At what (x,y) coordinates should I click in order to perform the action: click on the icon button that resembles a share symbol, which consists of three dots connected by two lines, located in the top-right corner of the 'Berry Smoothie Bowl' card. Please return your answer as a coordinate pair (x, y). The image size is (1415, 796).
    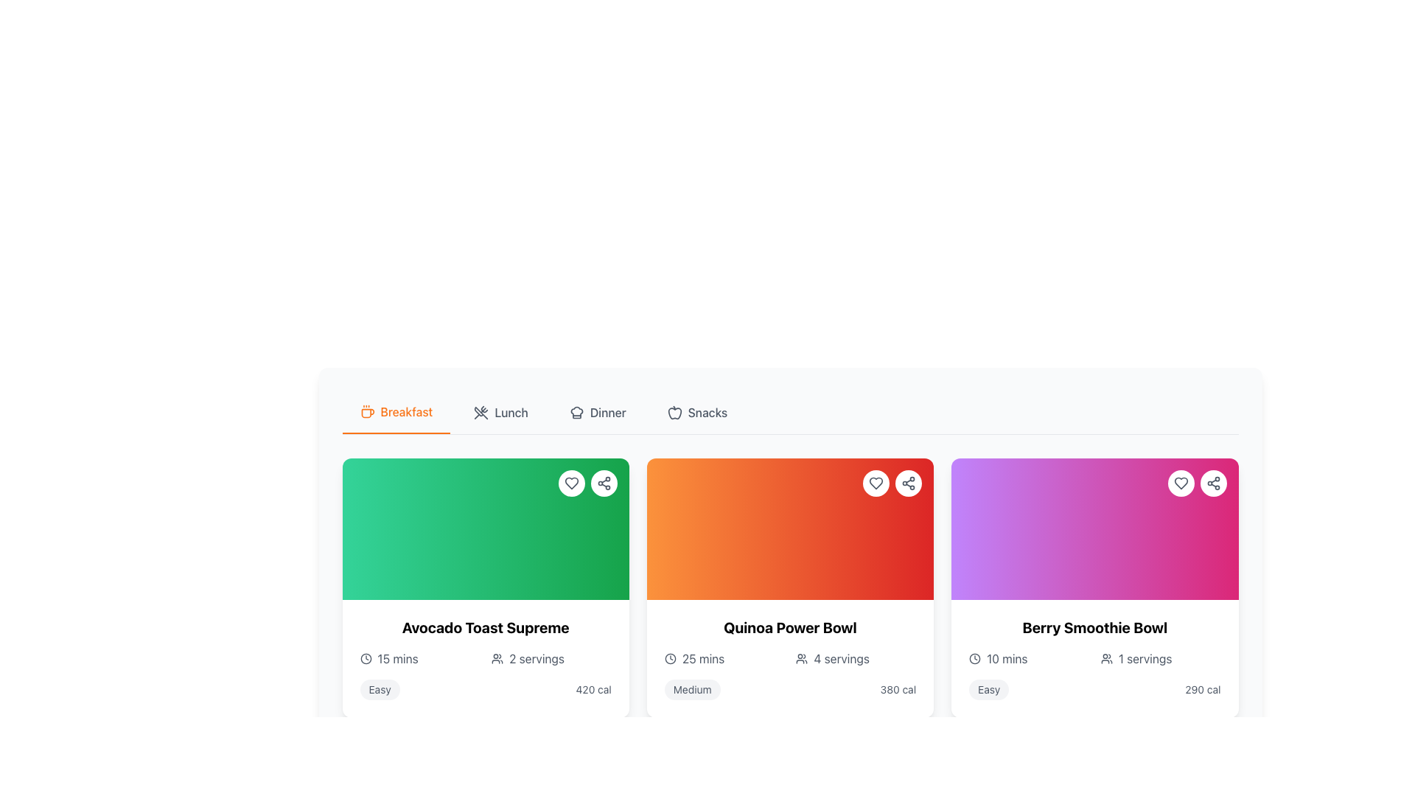
    Looking at the image, I should click on (1213, 483).